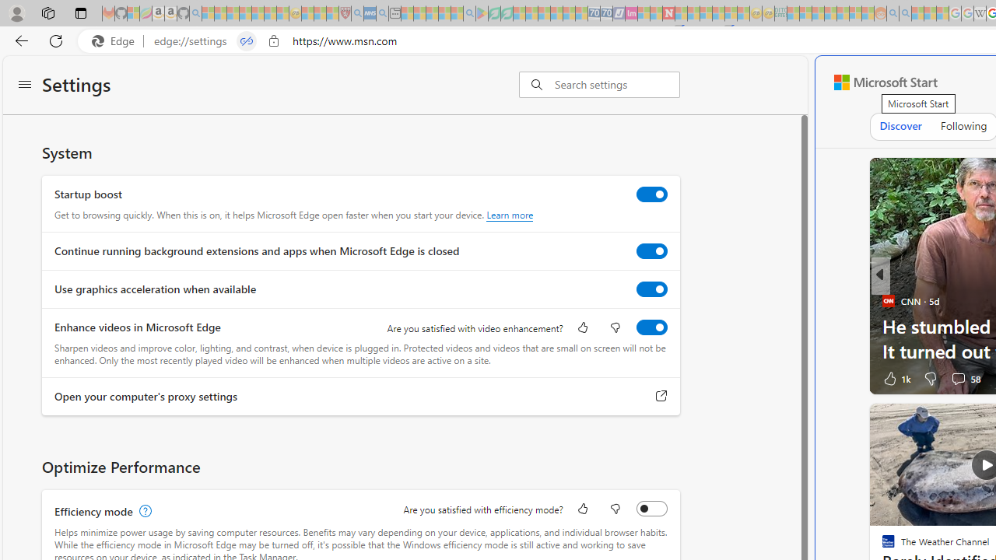 The width and height of the screenshot is (996, 560). I want to click on 'ScienceAlert', so click(888, 301).